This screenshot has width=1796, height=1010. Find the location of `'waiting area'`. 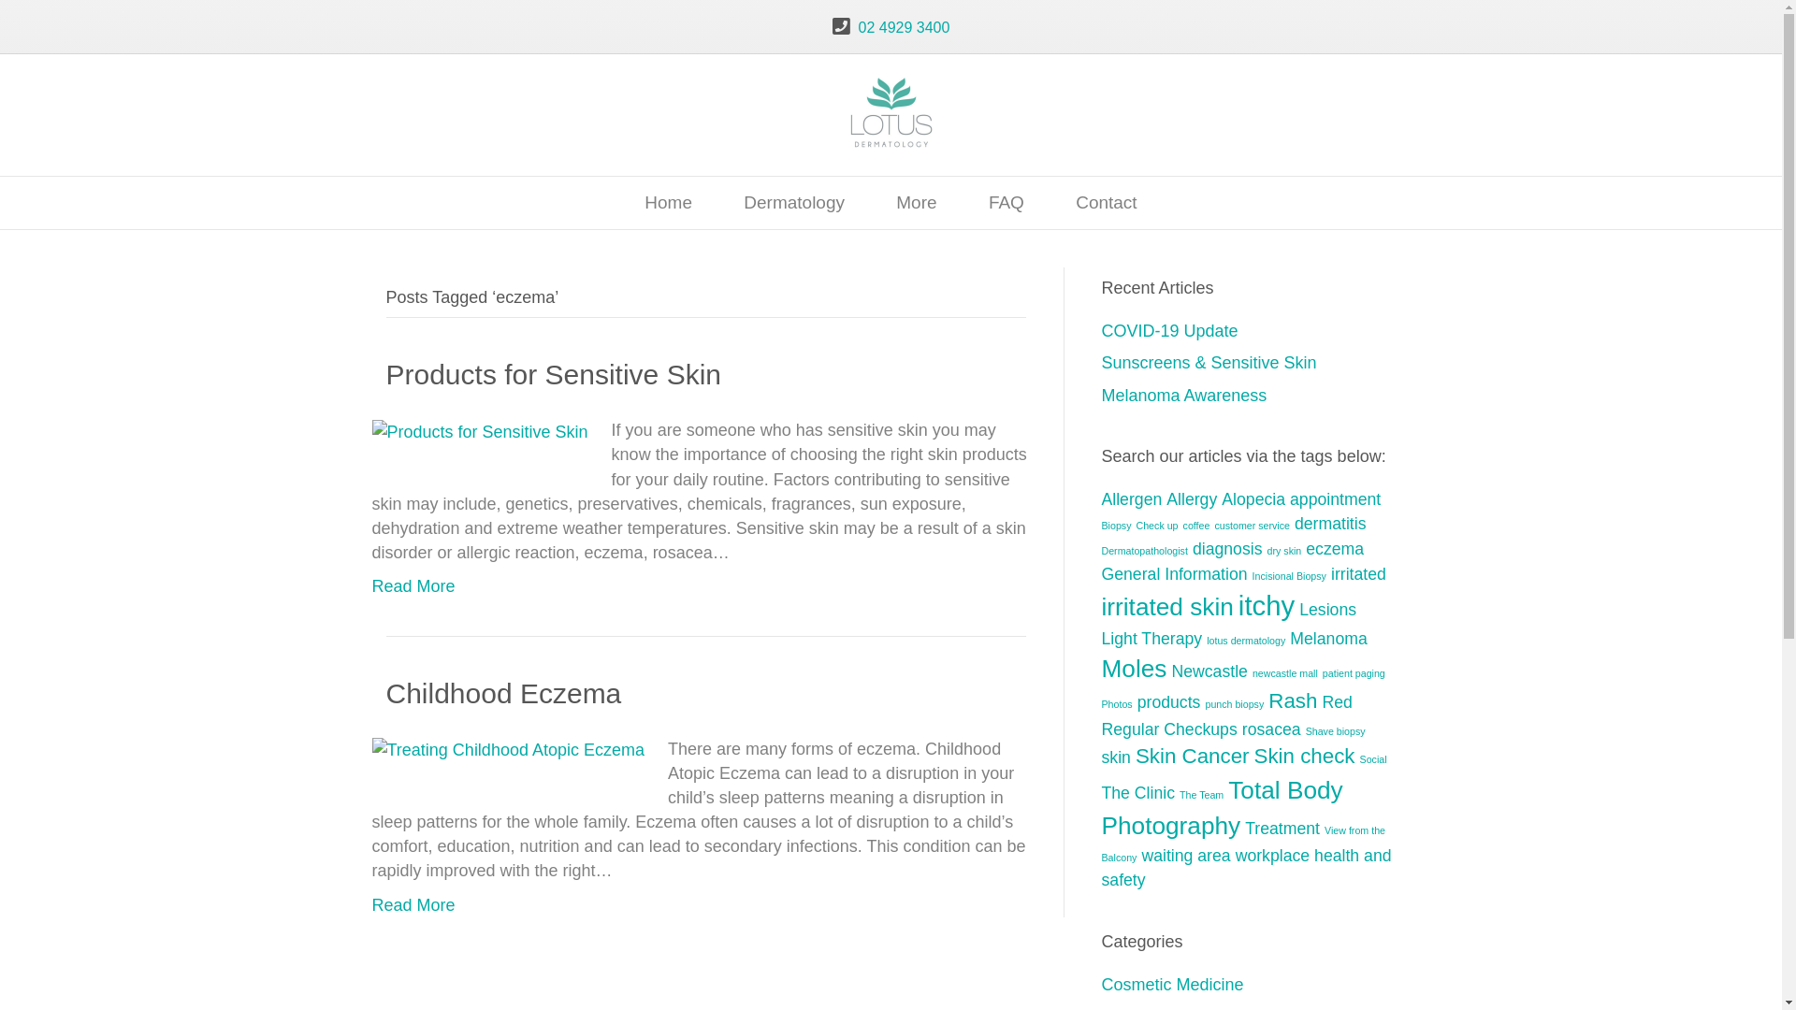

'waiting area' is located at coordinates (1184, 855).